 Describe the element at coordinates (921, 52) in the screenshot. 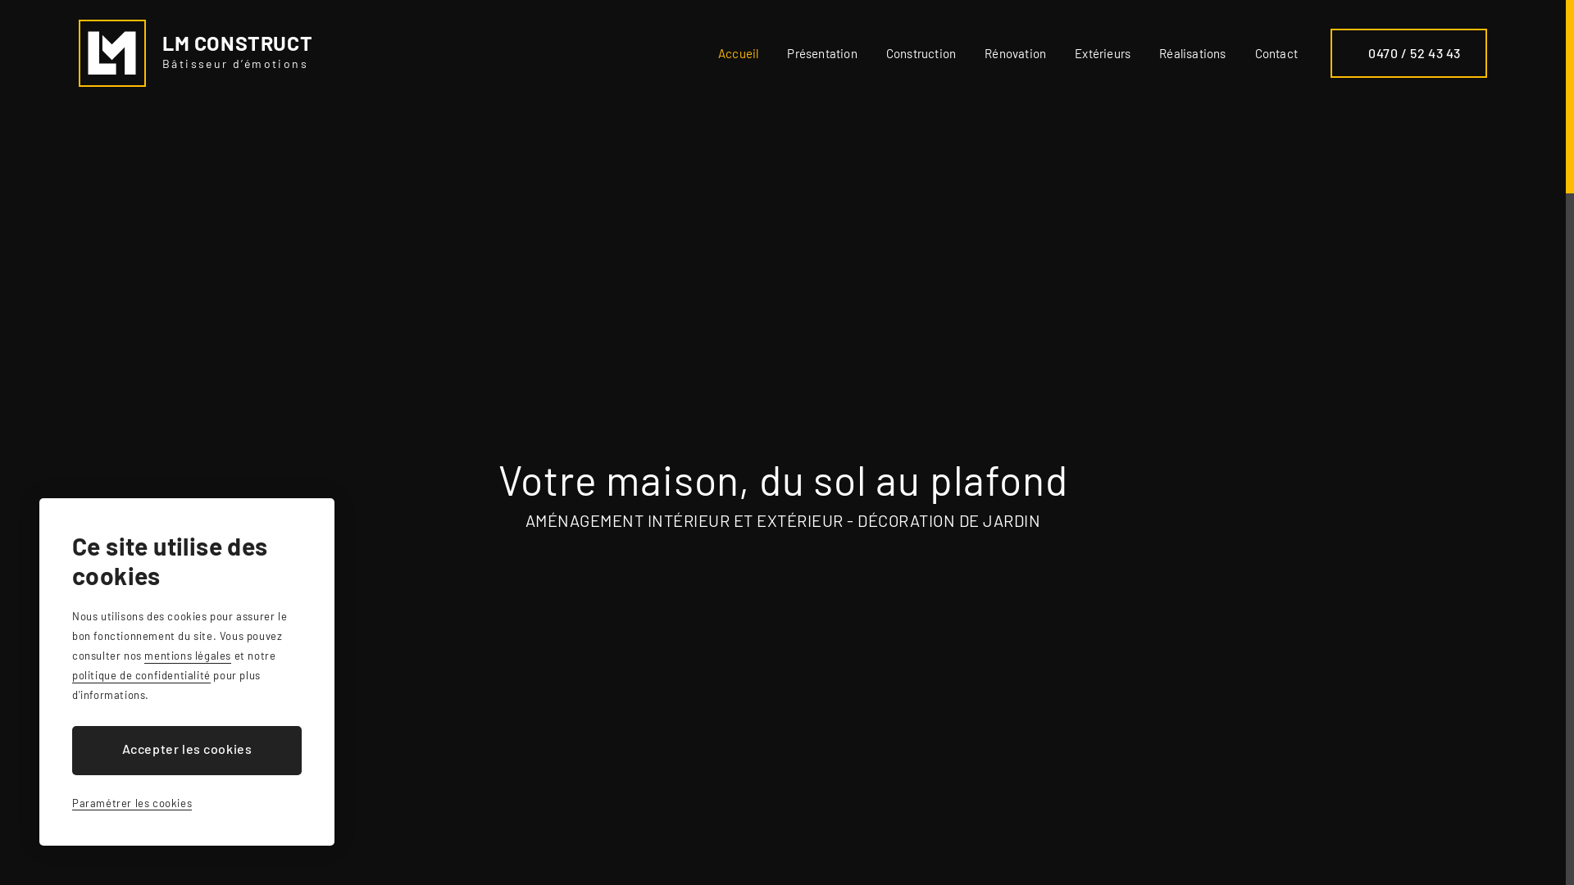

I see `'Construction'` at that location.